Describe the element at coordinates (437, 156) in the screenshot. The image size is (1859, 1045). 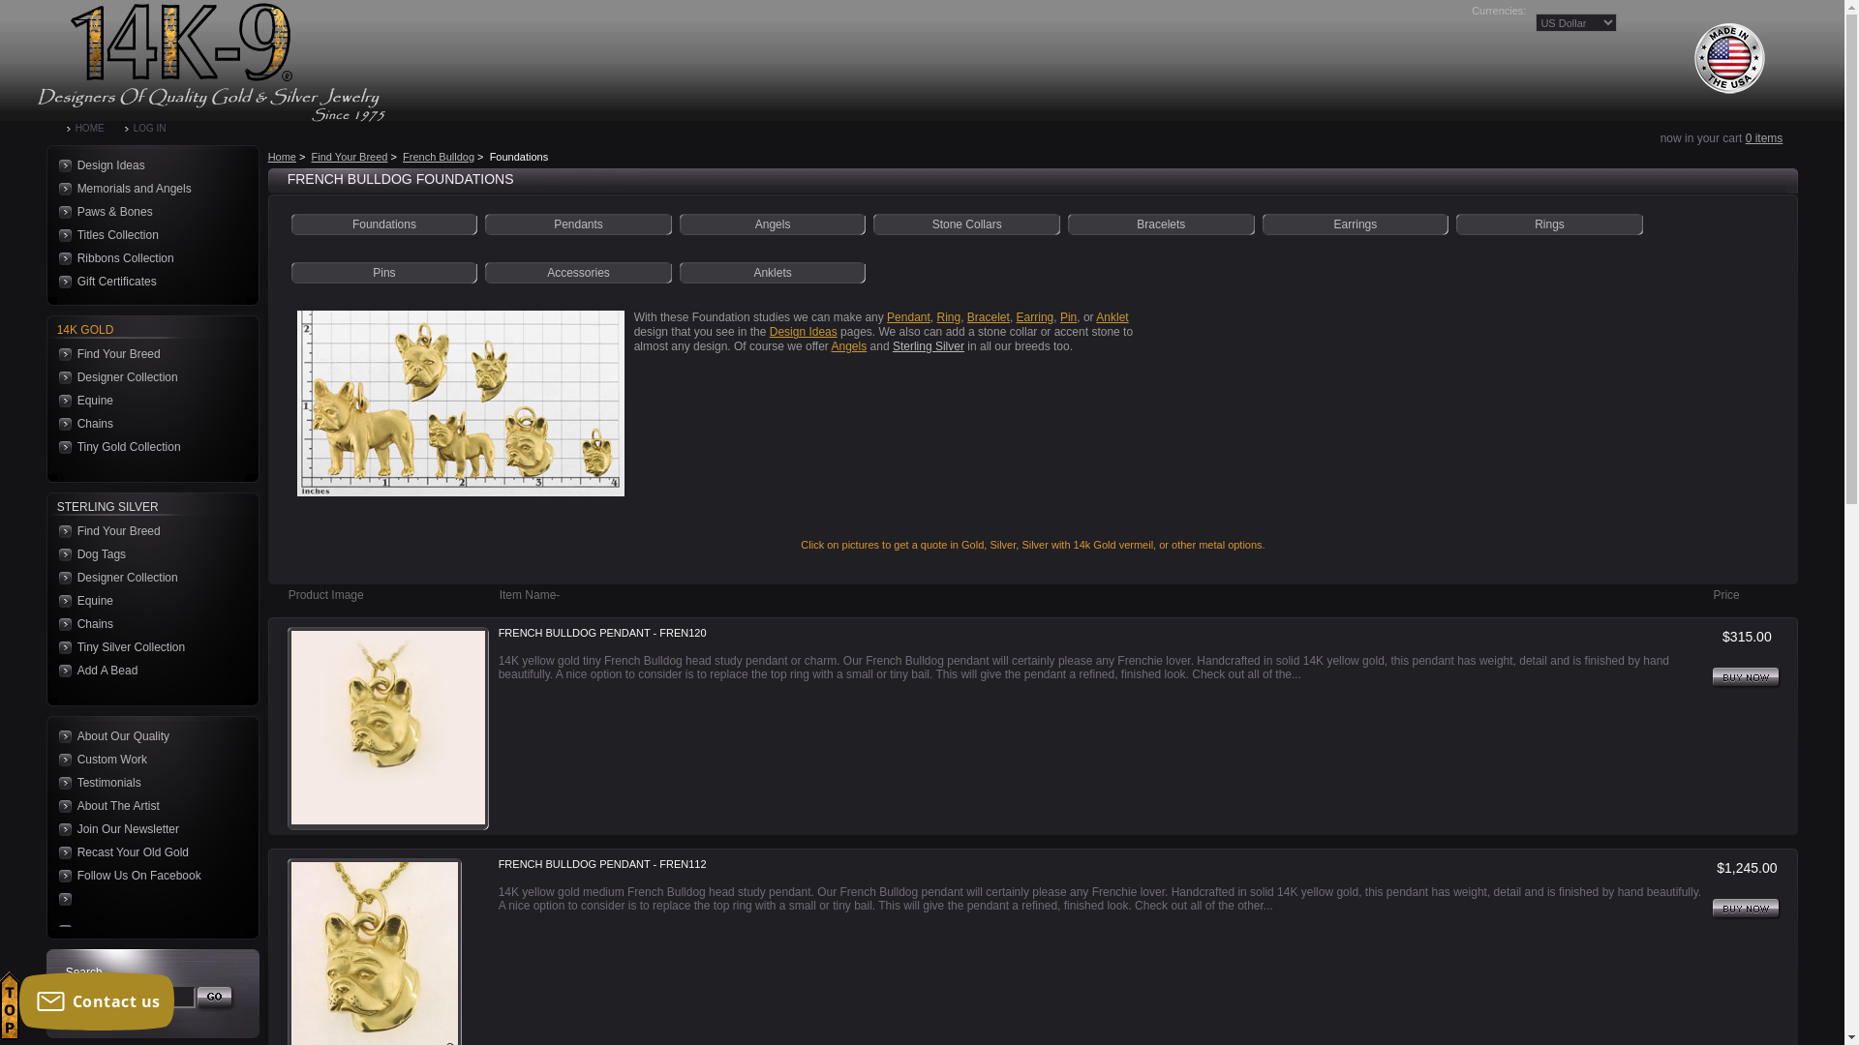
I see `'French Bulldog'` at that location.